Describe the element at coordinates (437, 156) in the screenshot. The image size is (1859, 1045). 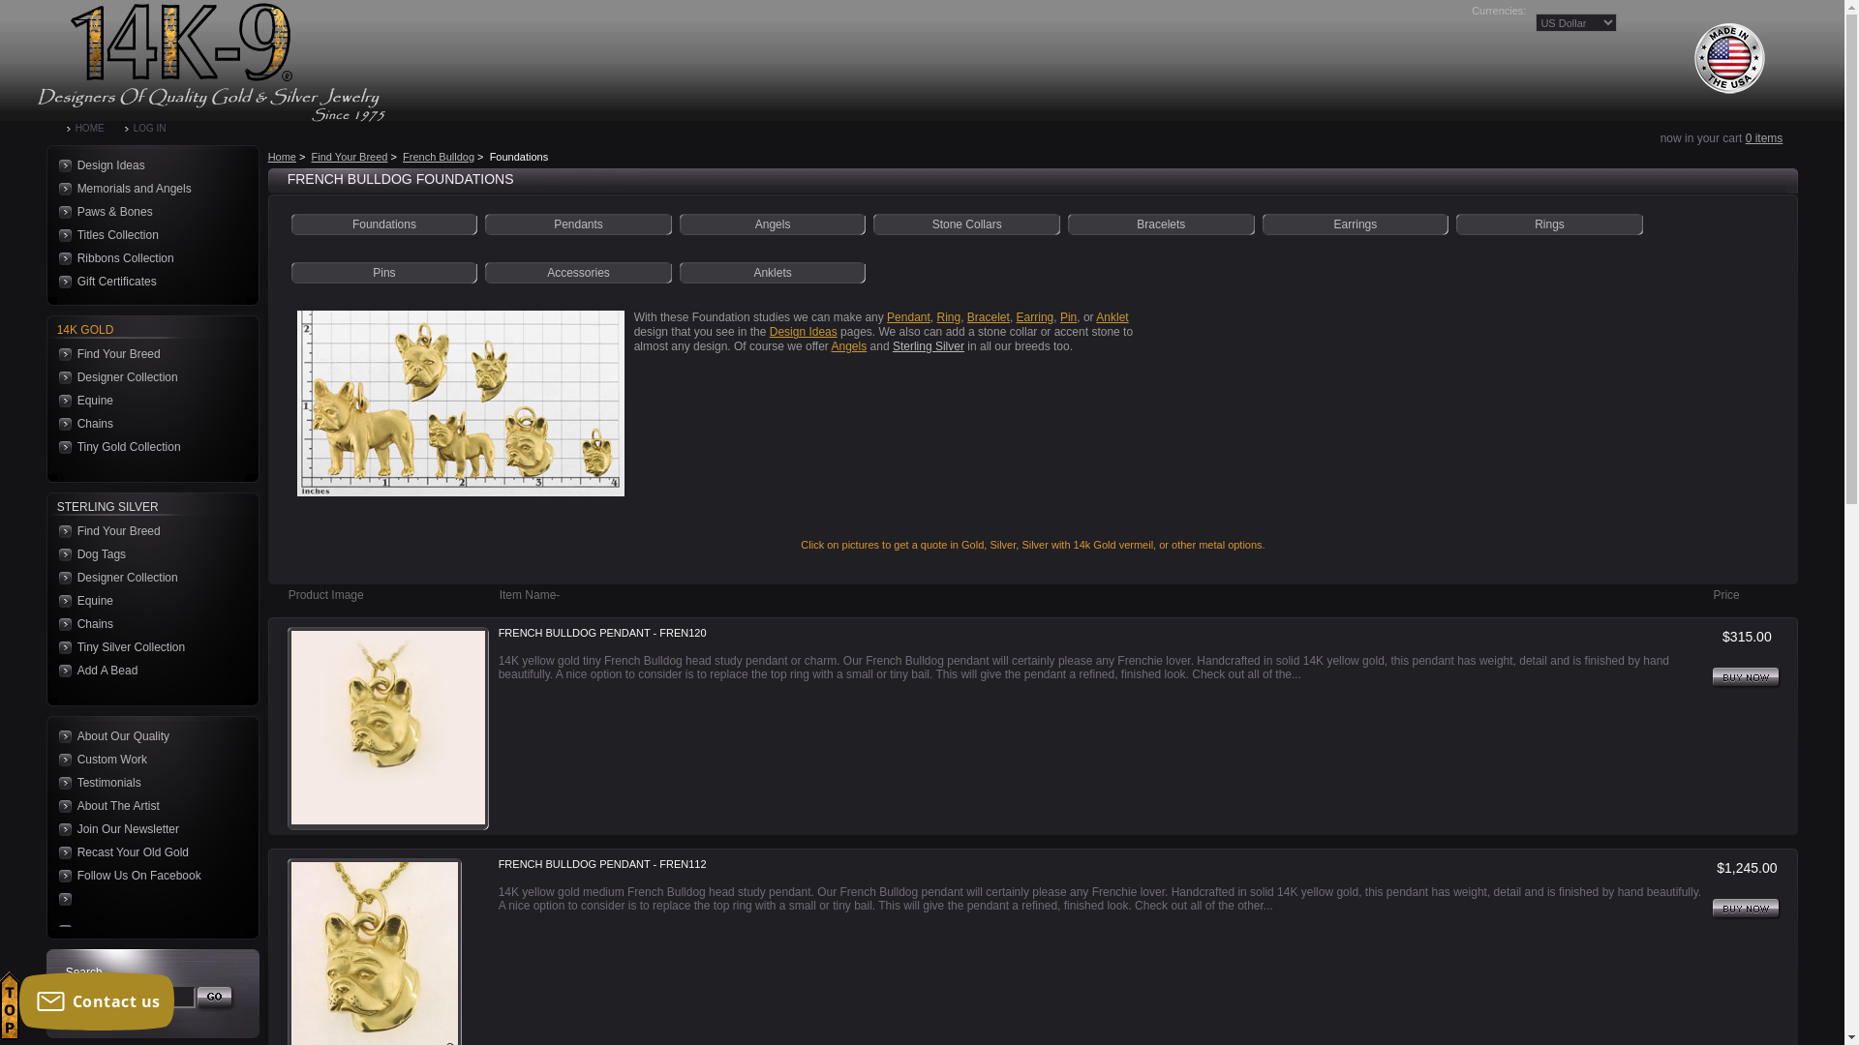
I see `'French Bulldog'` at that location.